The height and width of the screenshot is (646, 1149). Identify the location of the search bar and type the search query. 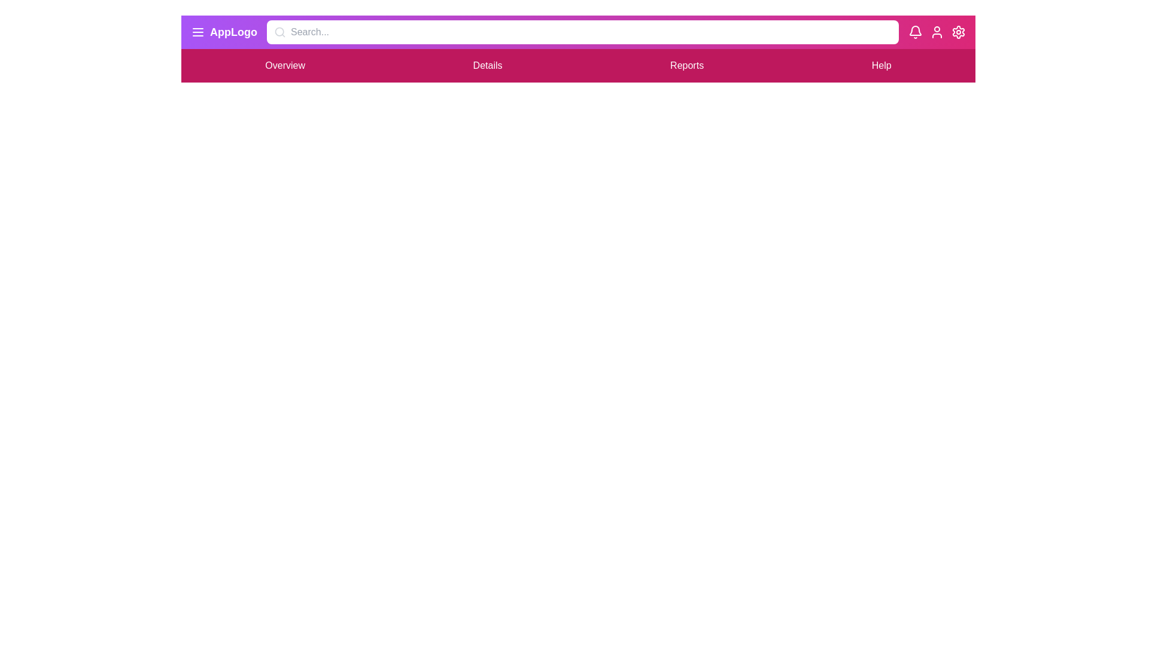
(583, 32).